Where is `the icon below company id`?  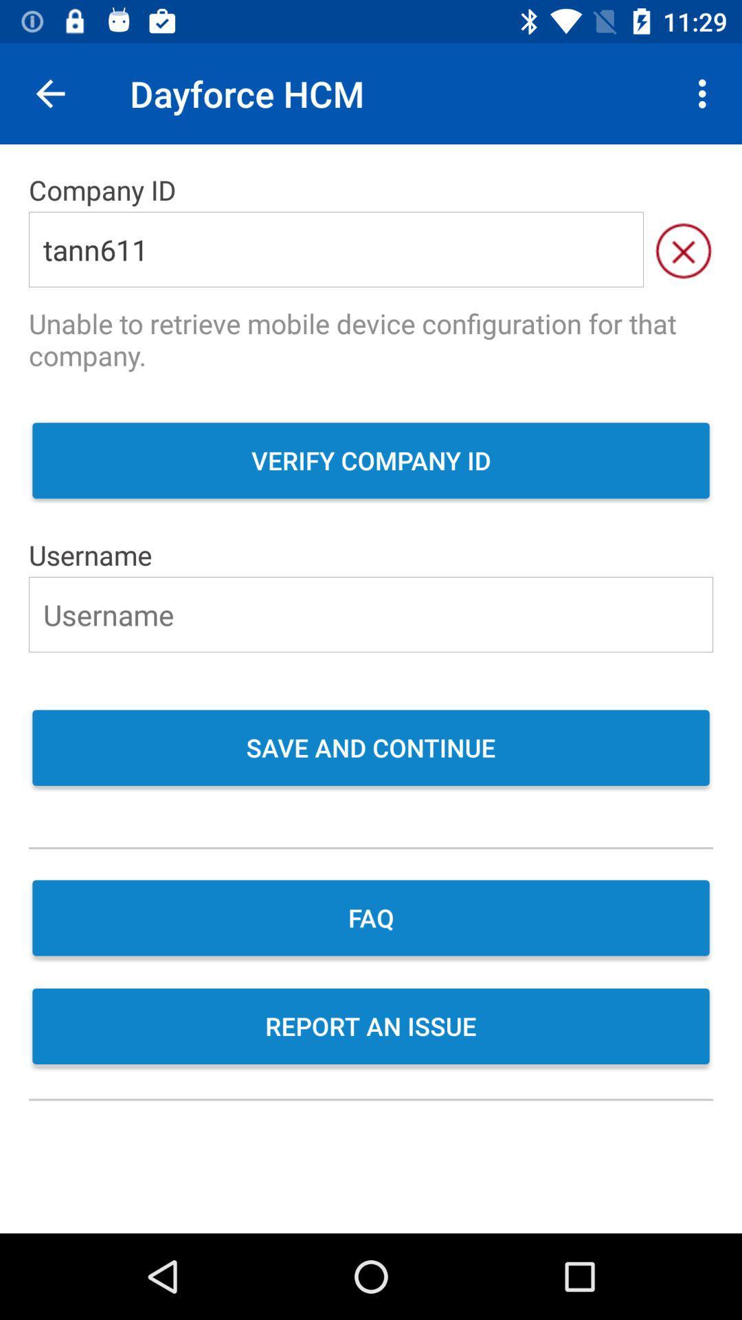
the icon below company id is located at coordinates (336, 250).